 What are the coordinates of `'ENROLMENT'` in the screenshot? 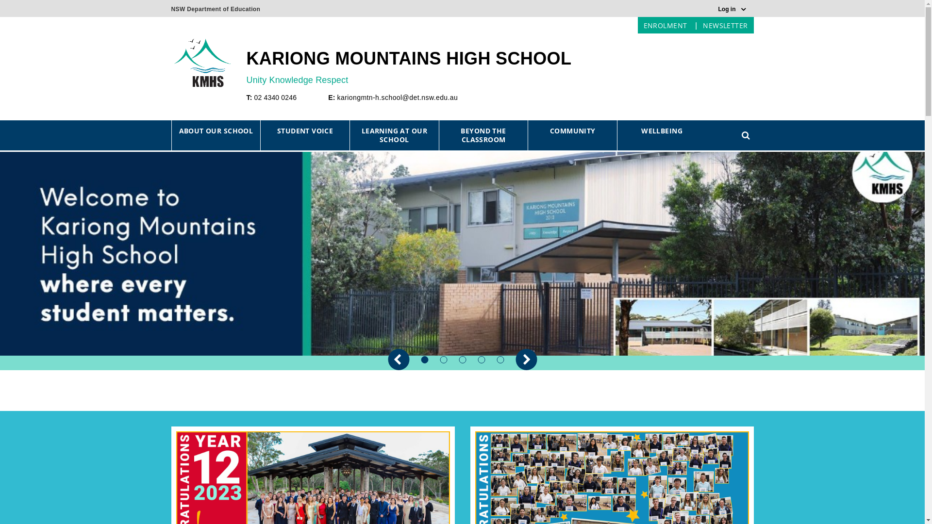 It's located at (665, 25).